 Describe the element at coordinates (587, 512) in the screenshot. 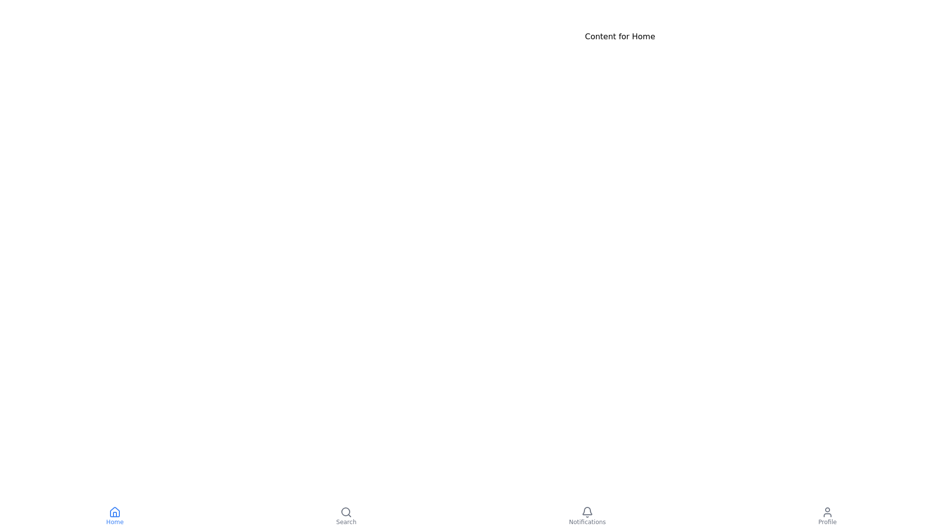

I see `the bell-shaped notification icon located at the bottom-right corner of the interface to get more information` at that location.